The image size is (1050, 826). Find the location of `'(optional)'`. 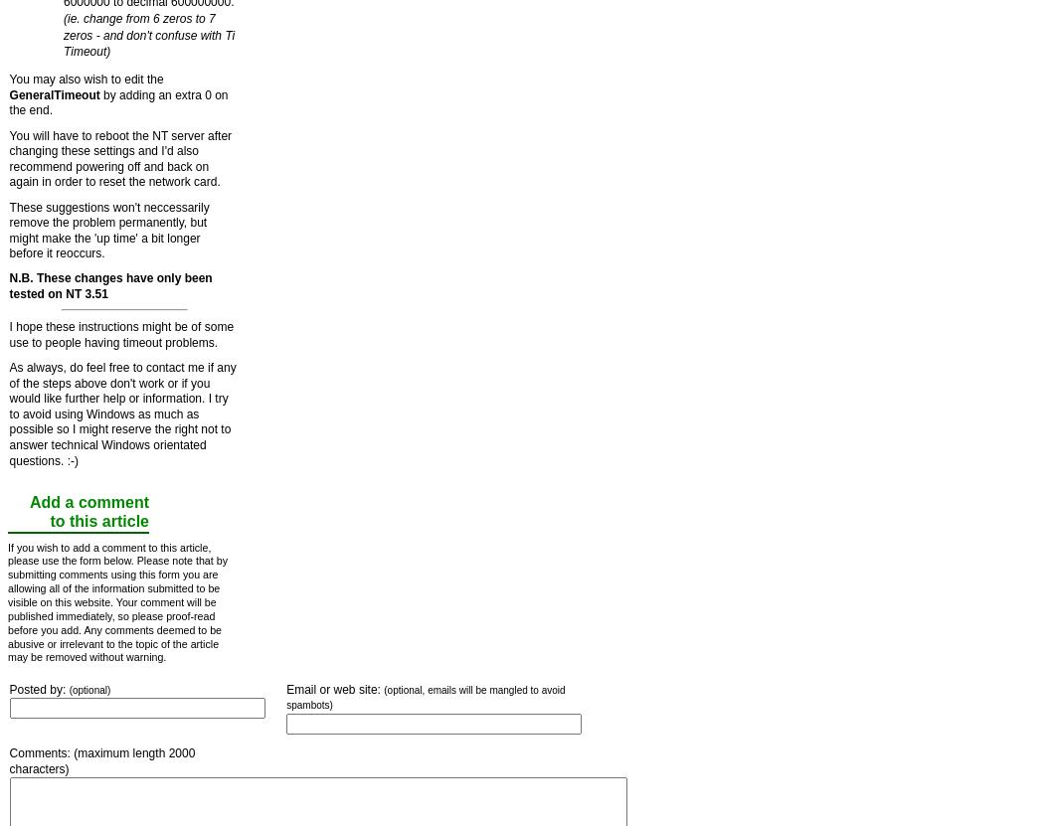

'(optional)' is located at coordinates (87, 688).